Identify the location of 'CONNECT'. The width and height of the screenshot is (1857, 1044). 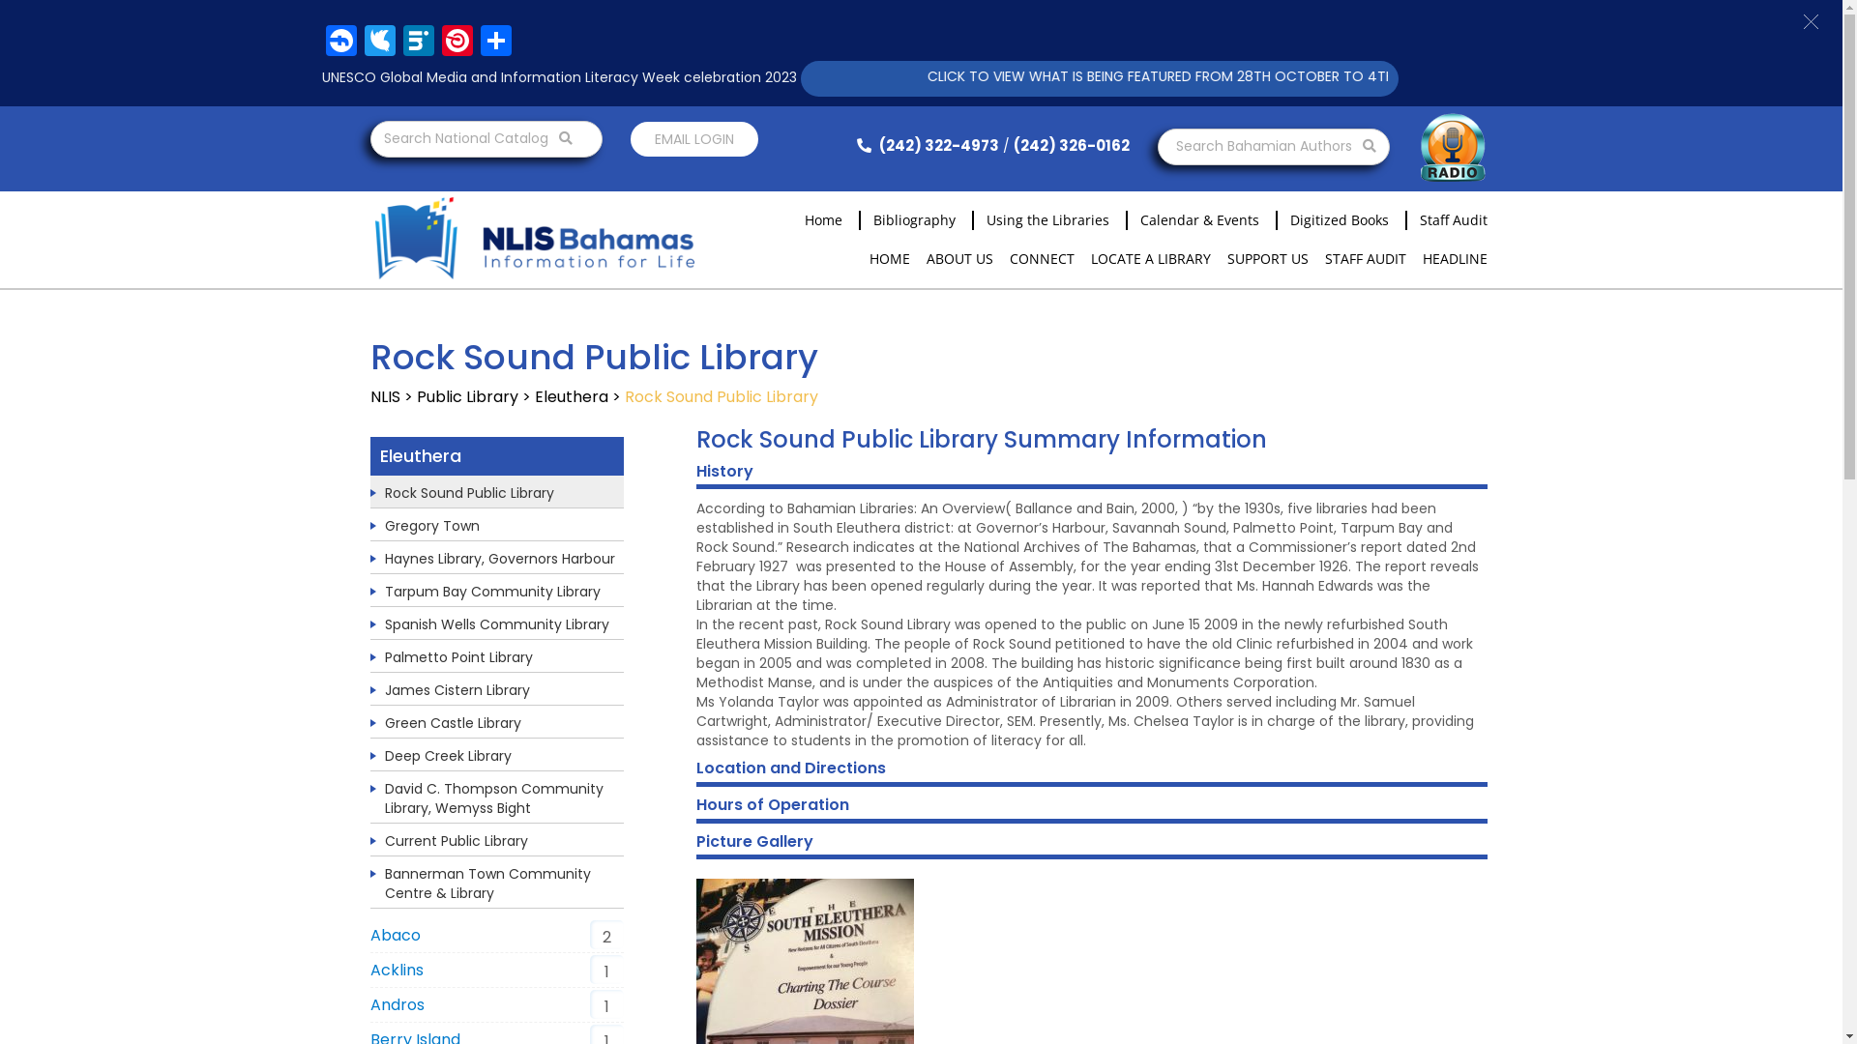
(1008, 257).